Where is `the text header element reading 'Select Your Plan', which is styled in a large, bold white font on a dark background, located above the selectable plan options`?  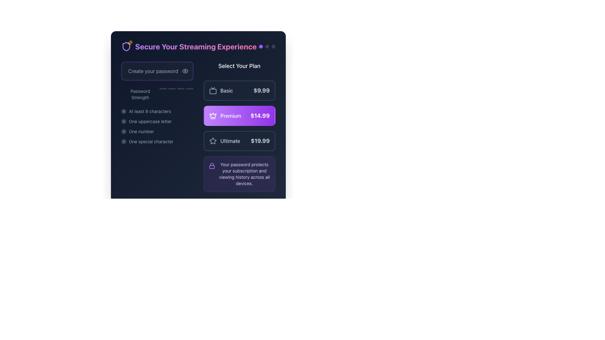 the text header element reading 'Select Your Plan', which is styled in a large, bold white font on a dark background, located above the selectable plan options is located at coordinates (239, 66).